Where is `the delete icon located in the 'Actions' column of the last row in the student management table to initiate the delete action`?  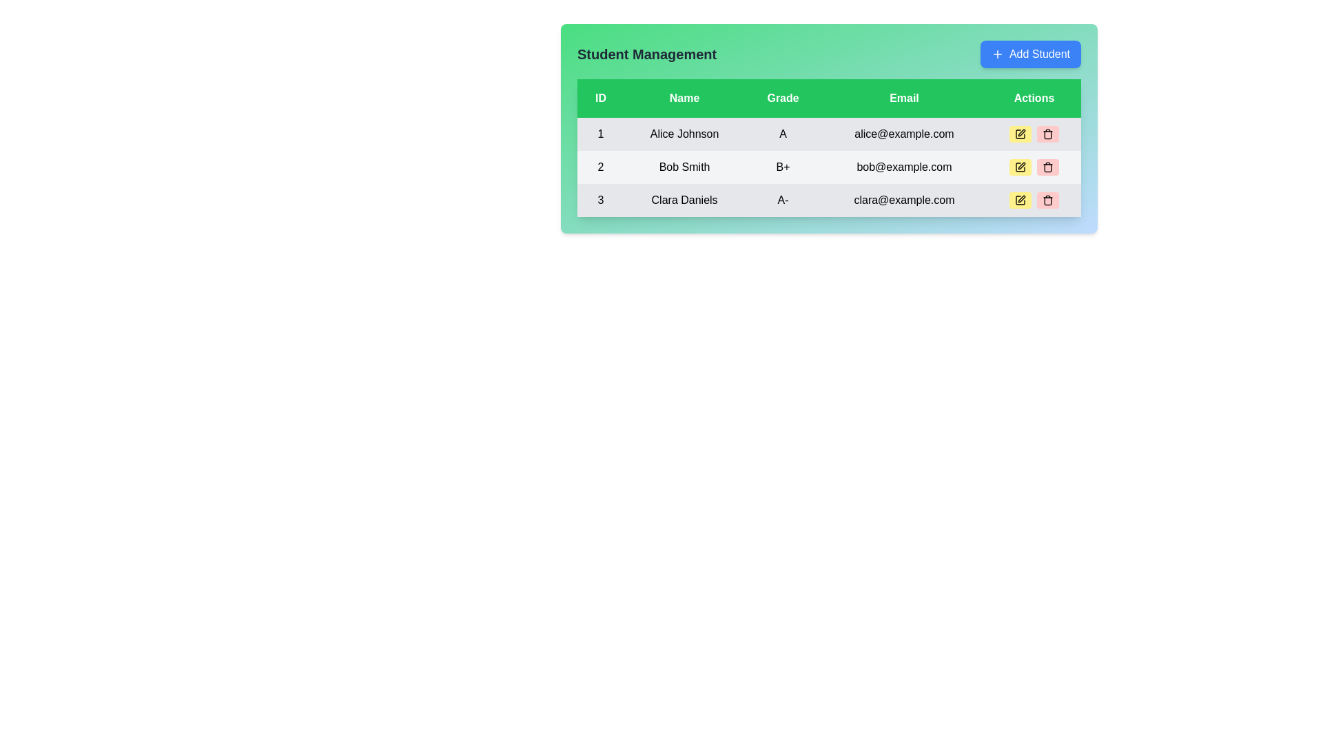
the delete icon located in the 'Actions' column of the last row in the student management table to initiate the delete action is located at coordinates (1047, 200).